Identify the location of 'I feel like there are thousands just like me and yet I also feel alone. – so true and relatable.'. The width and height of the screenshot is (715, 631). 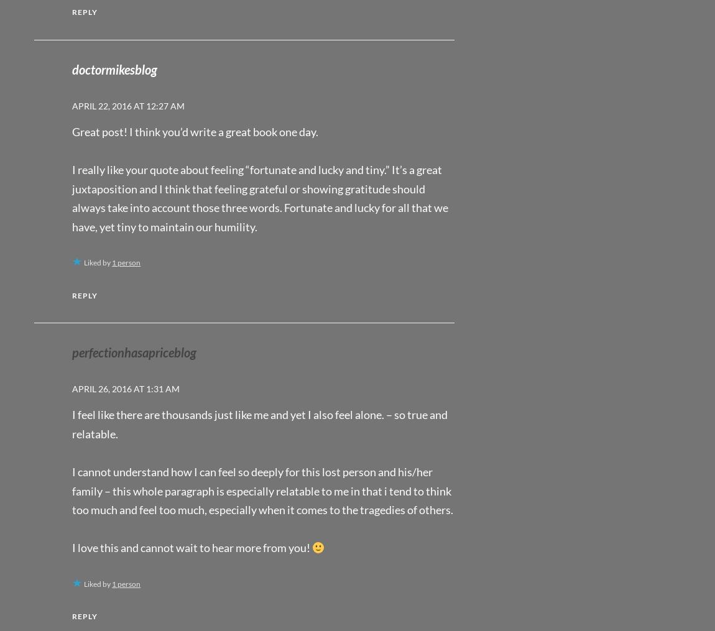
(260, 423).